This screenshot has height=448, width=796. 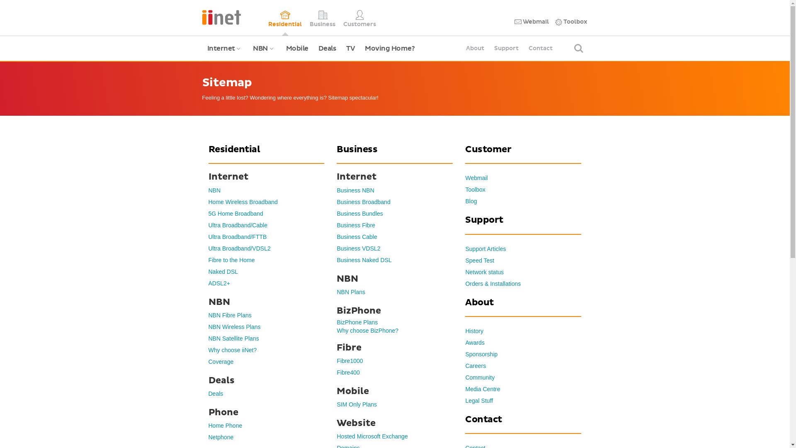 What do you see at coordinates (208, 190) in the screenshot?
I see `'NBN'` at bounding box center [208, 190].